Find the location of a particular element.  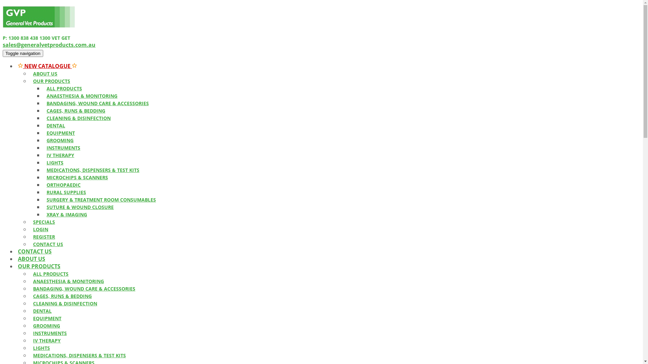

'RURAL SUPPLIES' is located at coordinates (43, 192).